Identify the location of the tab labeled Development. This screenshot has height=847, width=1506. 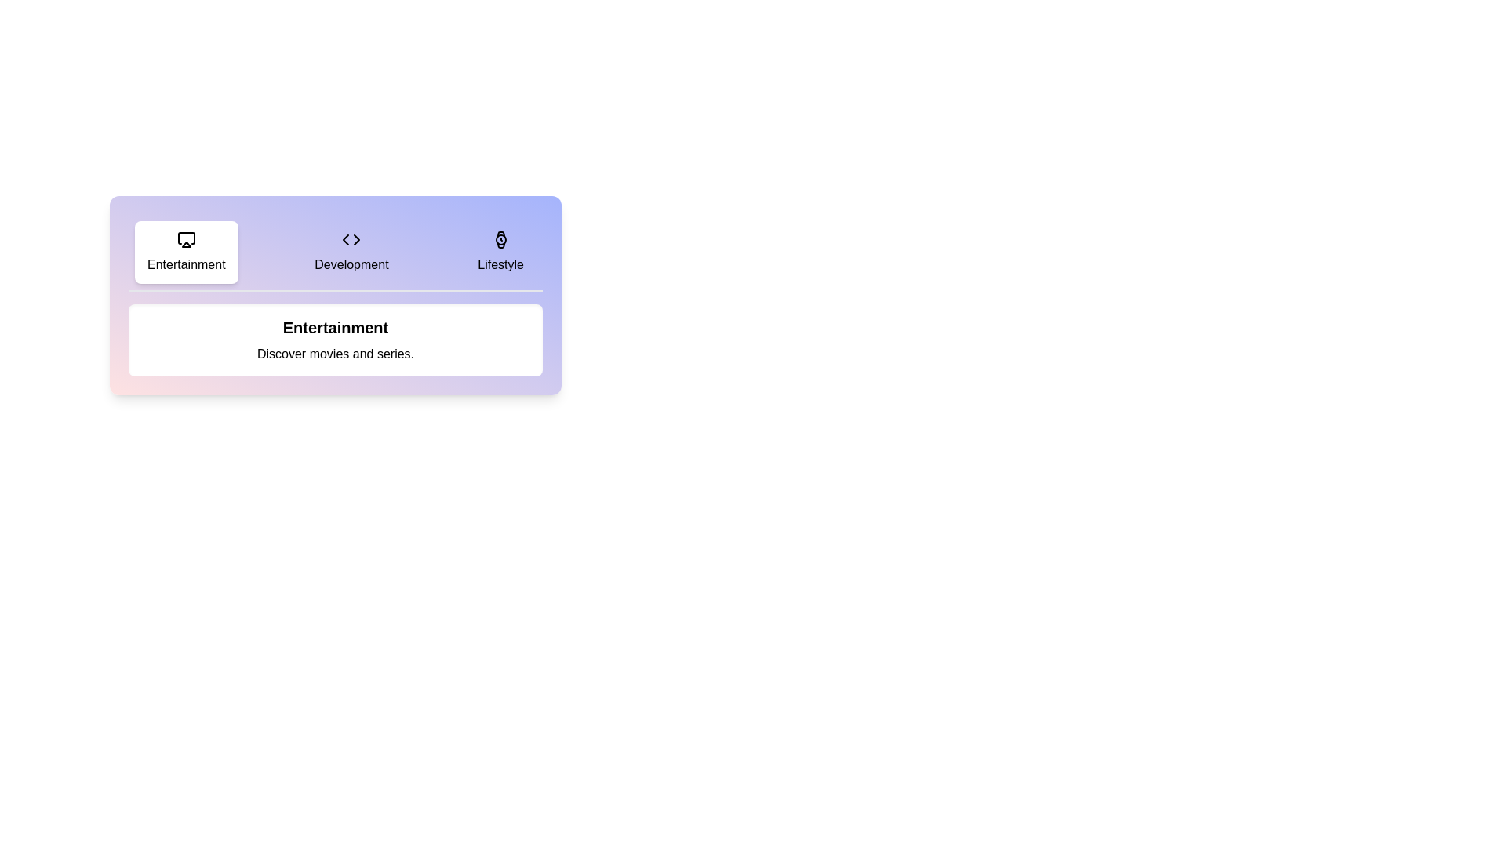
(351, 251).